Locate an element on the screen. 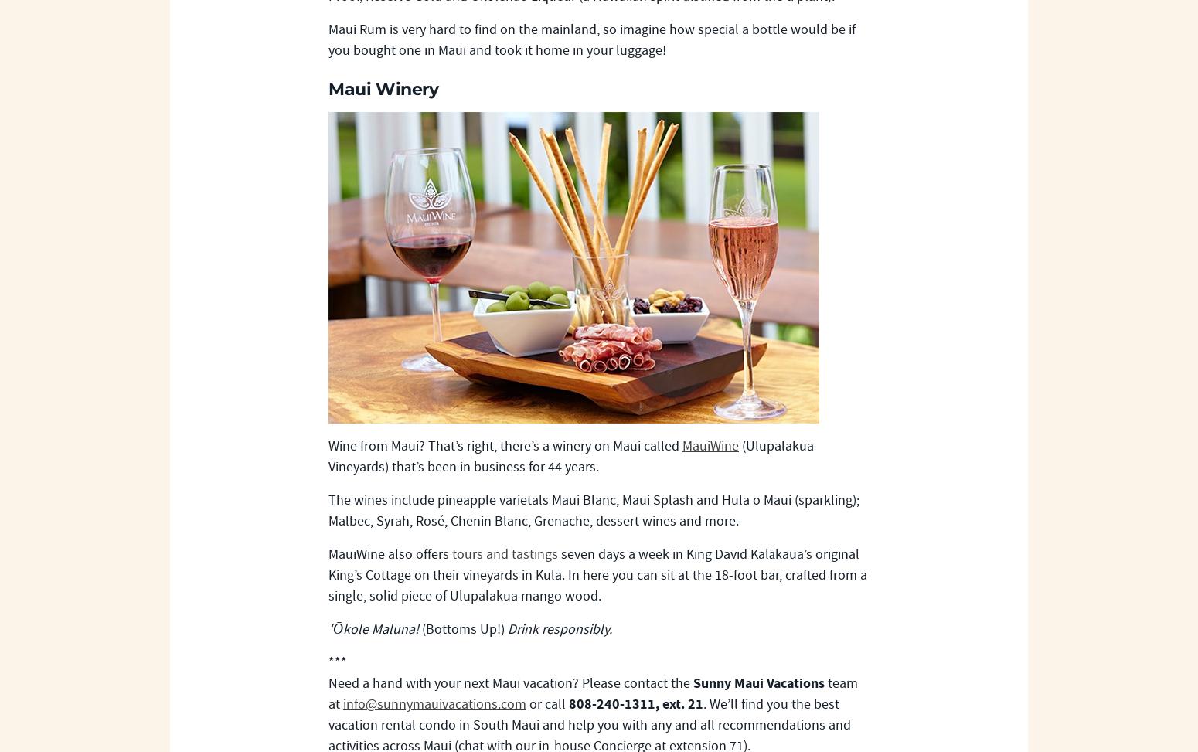 The height and width of the screenshot is (752, 1198). 'or call' is located at coordinates (547, 703).